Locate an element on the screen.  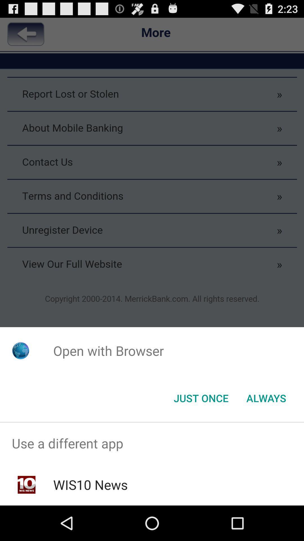
the item next to always is located at coordinates (201, 398).